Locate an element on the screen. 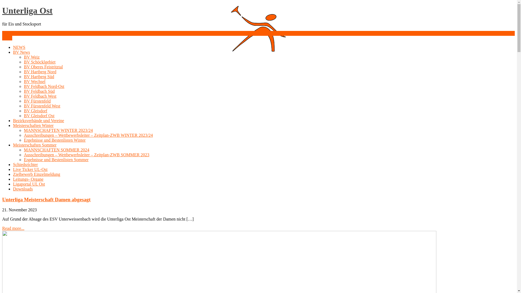  'MANNSCHAFTEN SOMMER 2024' is located at coordinates (56, 150).